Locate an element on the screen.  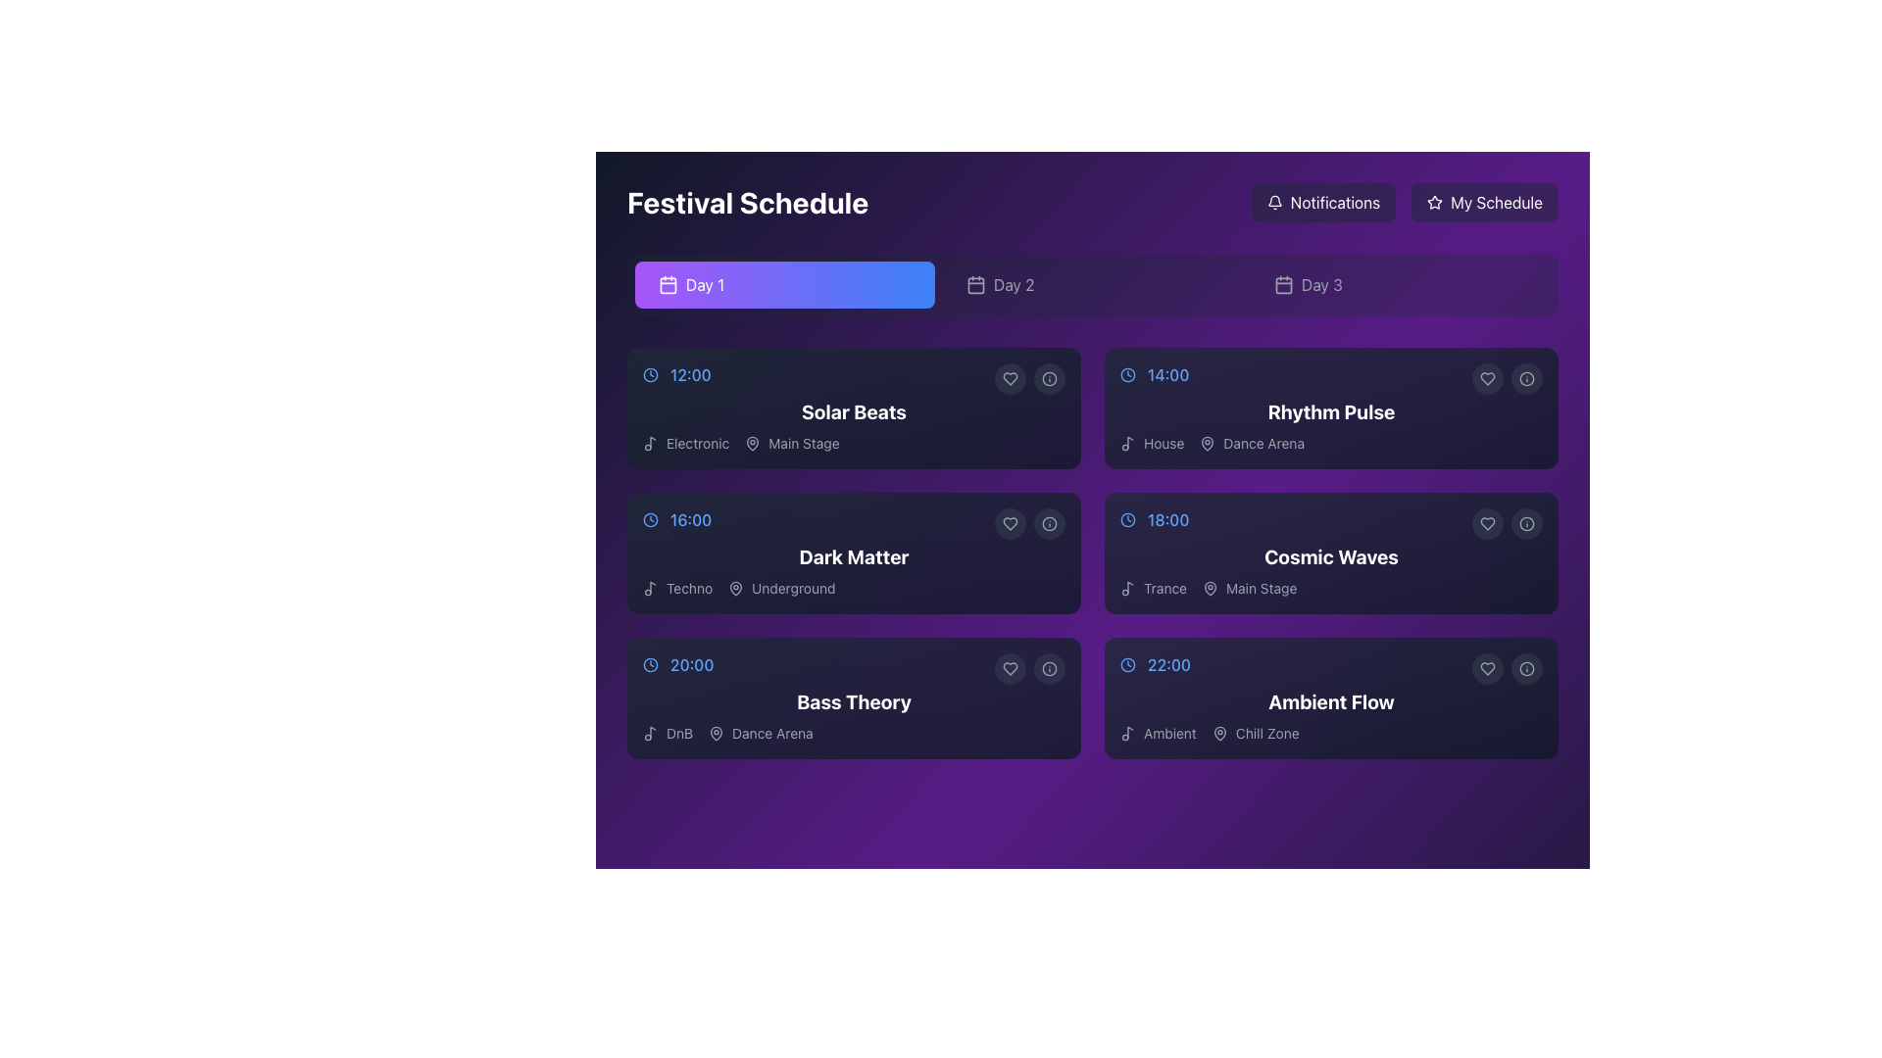
or read the text label 'My Schedule' located in the top-right corner of the interface within a dark purple header bar, styled with white text is located at coordinates (1496, 203).